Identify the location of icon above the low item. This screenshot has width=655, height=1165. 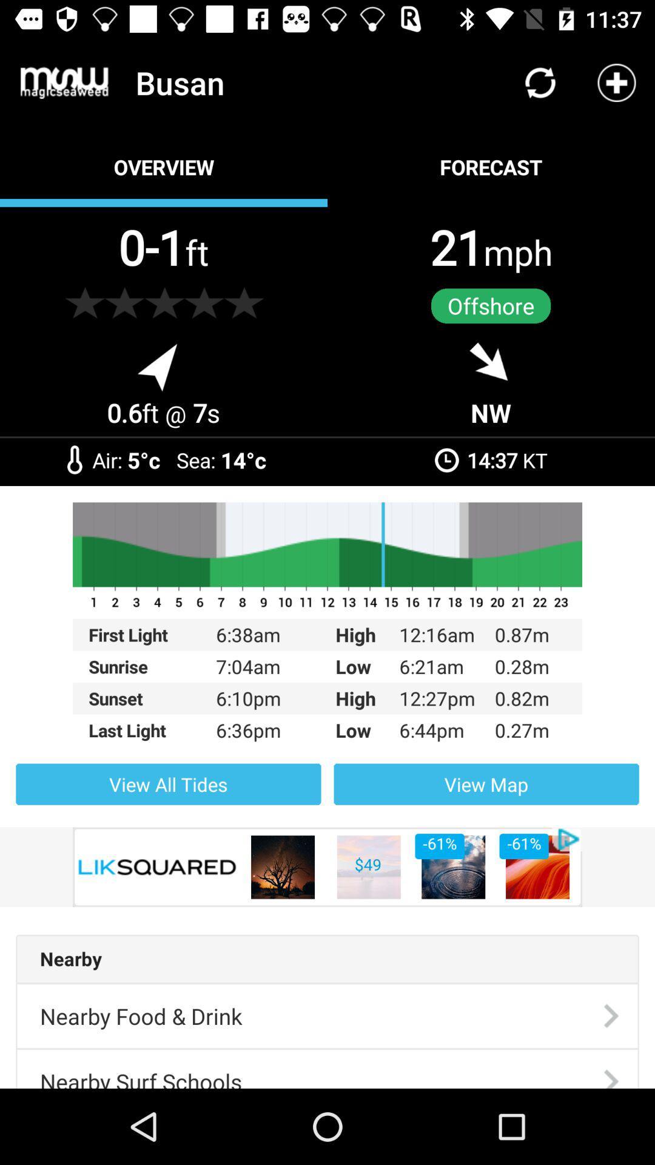
(327, 634).